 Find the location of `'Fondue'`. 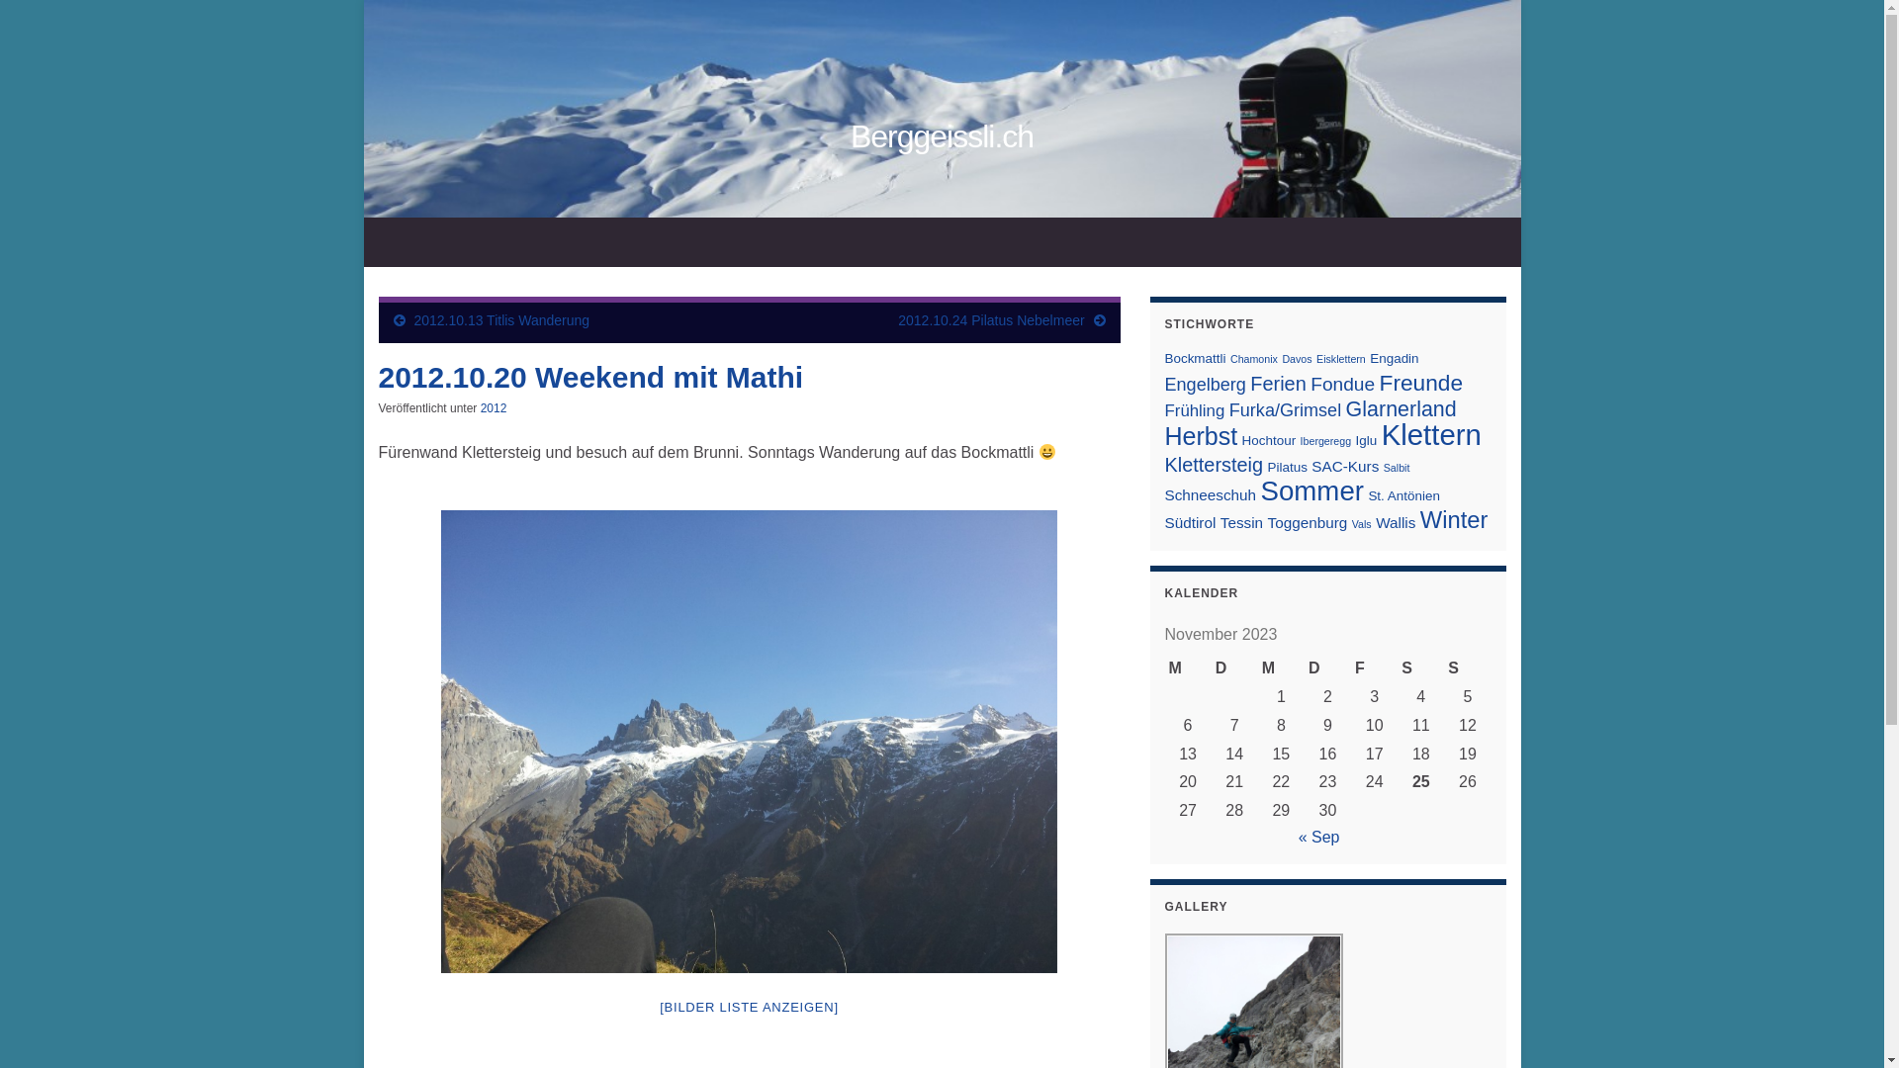

'Fondue' is located at coordinates (1342, 384).